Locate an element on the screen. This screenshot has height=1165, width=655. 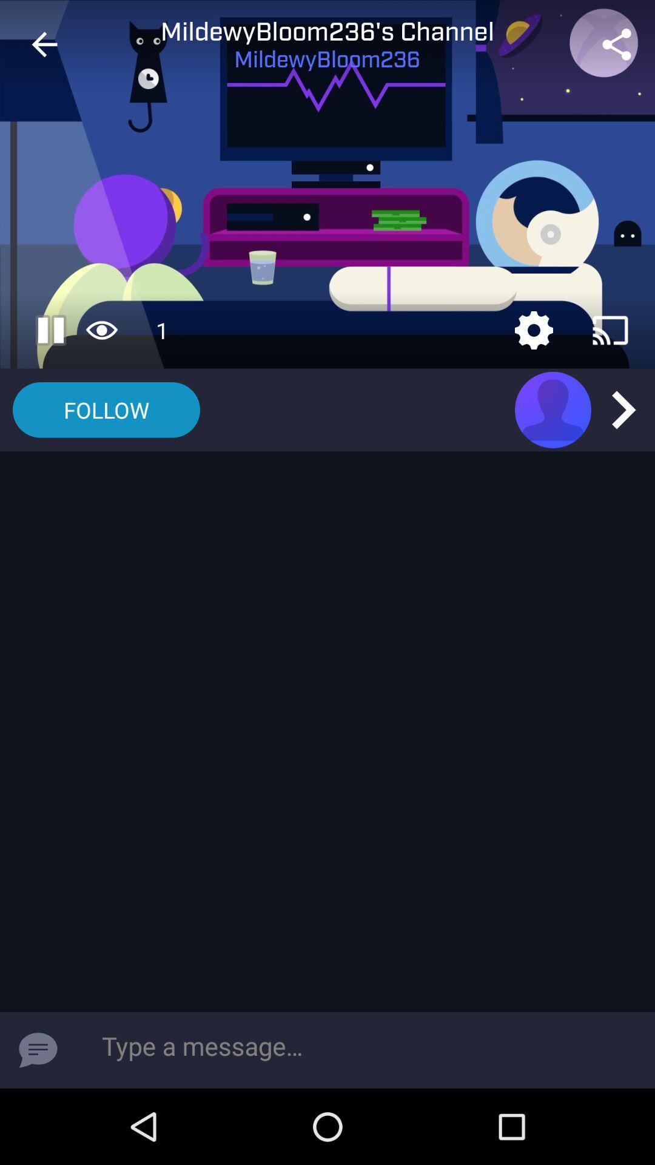
the item next to the mildewybloom236's channel item is located at coordinates (617, 44).